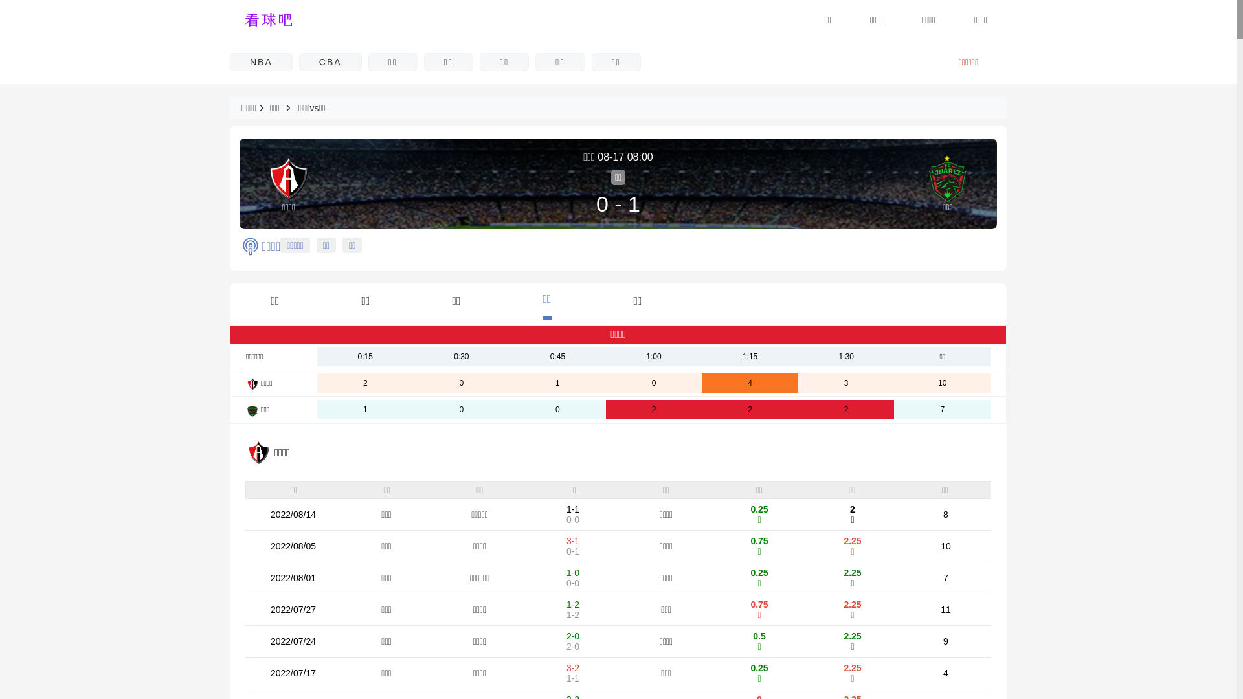 This screenshot has width=1243, height=699. What do you see at coordinates (260, 62) in the screenshot?
I see `'NBA'` at bounding box center [260, 62].